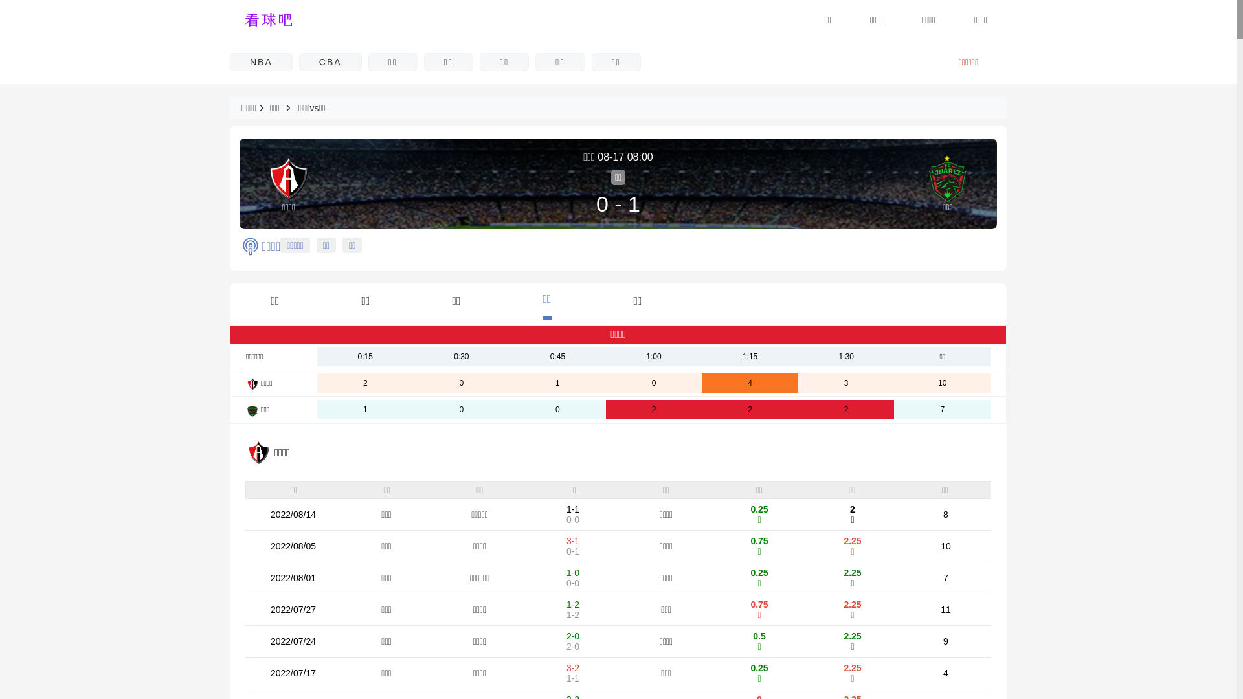 This screenshot has width=1243, height=699. What do you see at coordinates (260, 62) in the screenshot?
I see `'NBA'` at bounding box center [260, 62].